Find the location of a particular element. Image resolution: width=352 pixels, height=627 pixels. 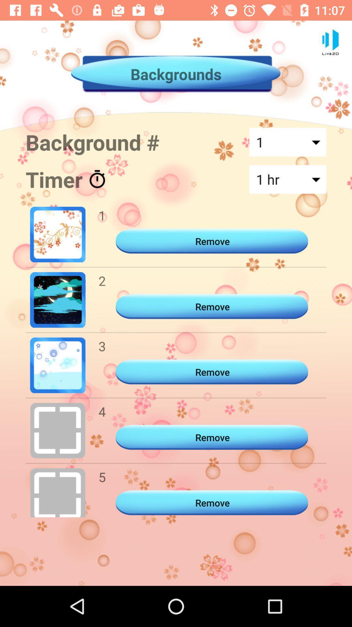

the icon above the 5 item is located at coordinates (102, 411).